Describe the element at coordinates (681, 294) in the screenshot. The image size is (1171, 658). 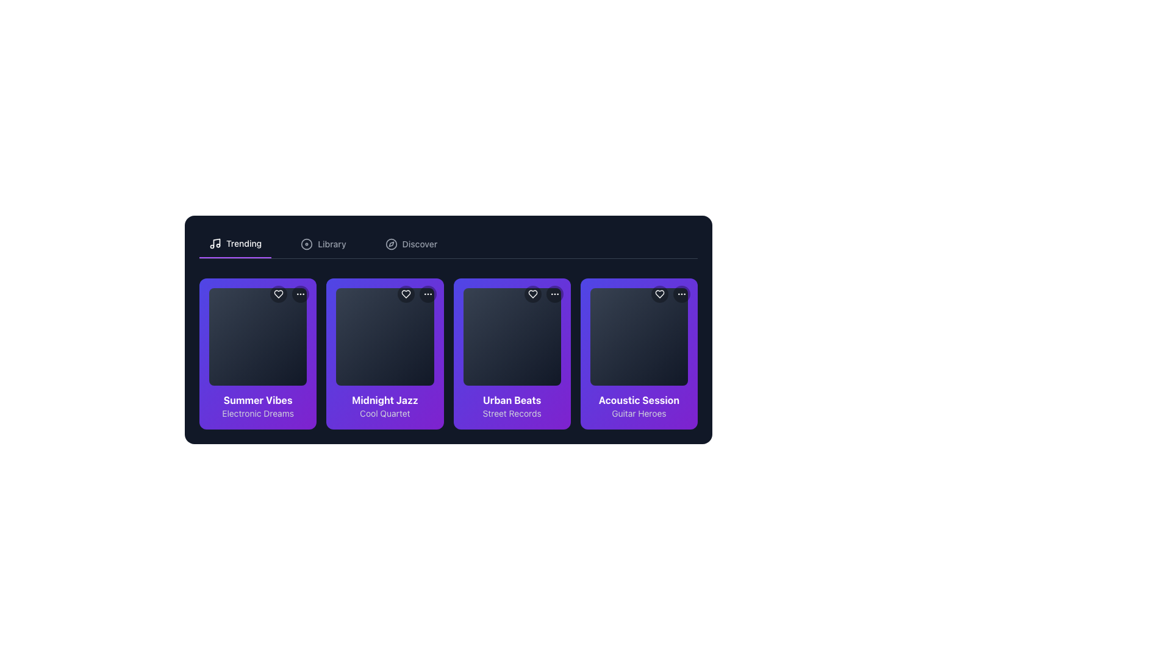
I see `the circular button with a semi-transparent black background and three white dots at the top-right corner of the 'Acoustic Session' card` at that location.